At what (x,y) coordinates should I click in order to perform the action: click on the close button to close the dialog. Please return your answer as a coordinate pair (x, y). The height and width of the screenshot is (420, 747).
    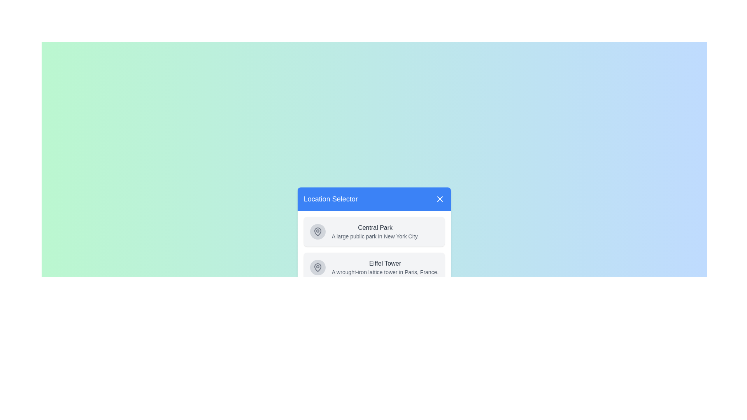
    Looking at the image, I should click on (440, 199).